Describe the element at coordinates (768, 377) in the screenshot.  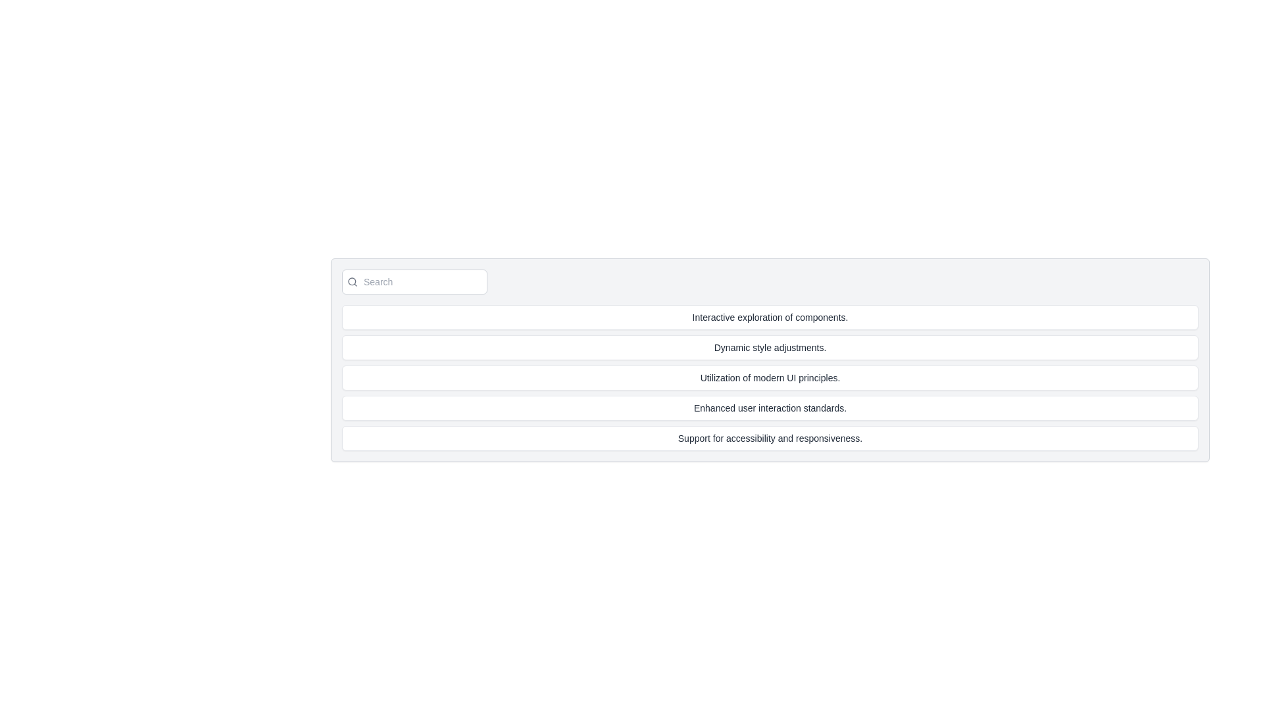
I see `the Text Character at the end of the word 'modern' in the sentence 'Utilization of modern UI principles.'` at that location.